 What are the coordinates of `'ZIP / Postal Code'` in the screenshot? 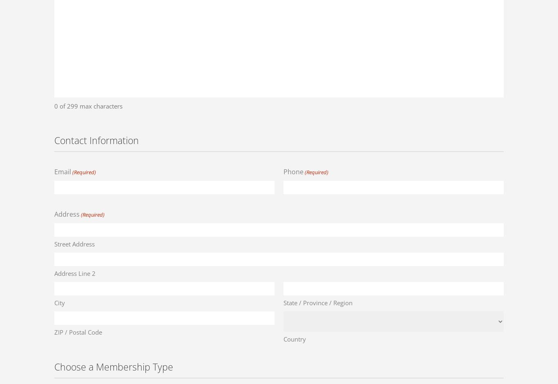 It's located at (78, 332).